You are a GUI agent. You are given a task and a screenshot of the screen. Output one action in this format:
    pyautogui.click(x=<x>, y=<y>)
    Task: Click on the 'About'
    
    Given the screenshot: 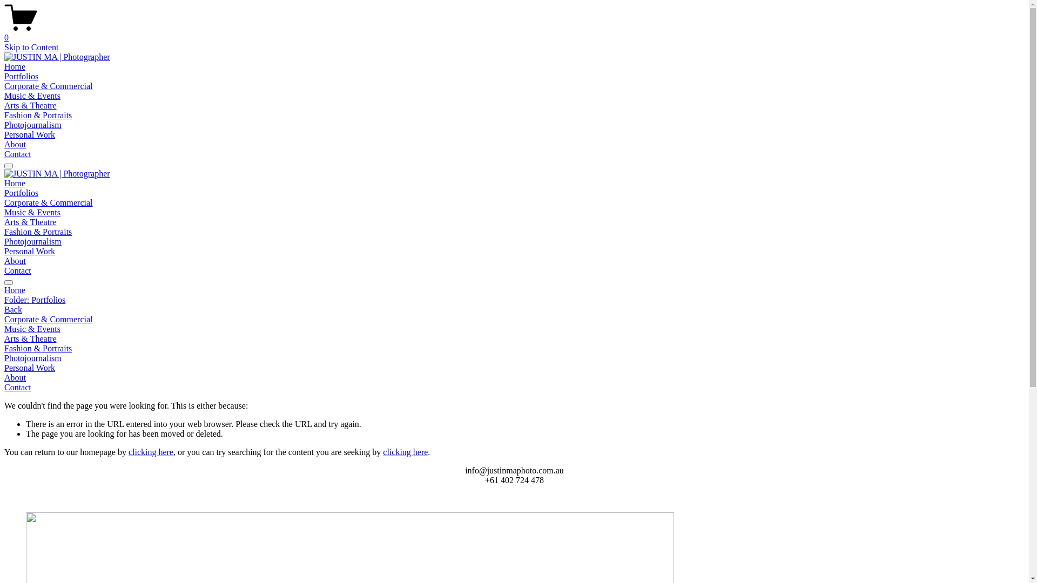 What is the action you would take?
    pyautogui.click(x=15, y=144)
    